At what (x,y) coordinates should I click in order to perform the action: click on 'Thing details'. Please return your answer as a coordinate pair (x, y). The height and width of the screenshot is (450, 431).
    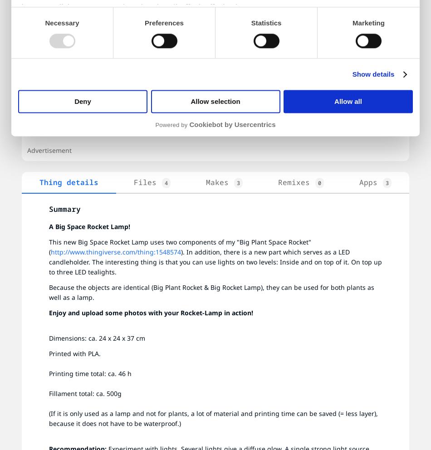
    Looking at the image, I should click on (69, 182).